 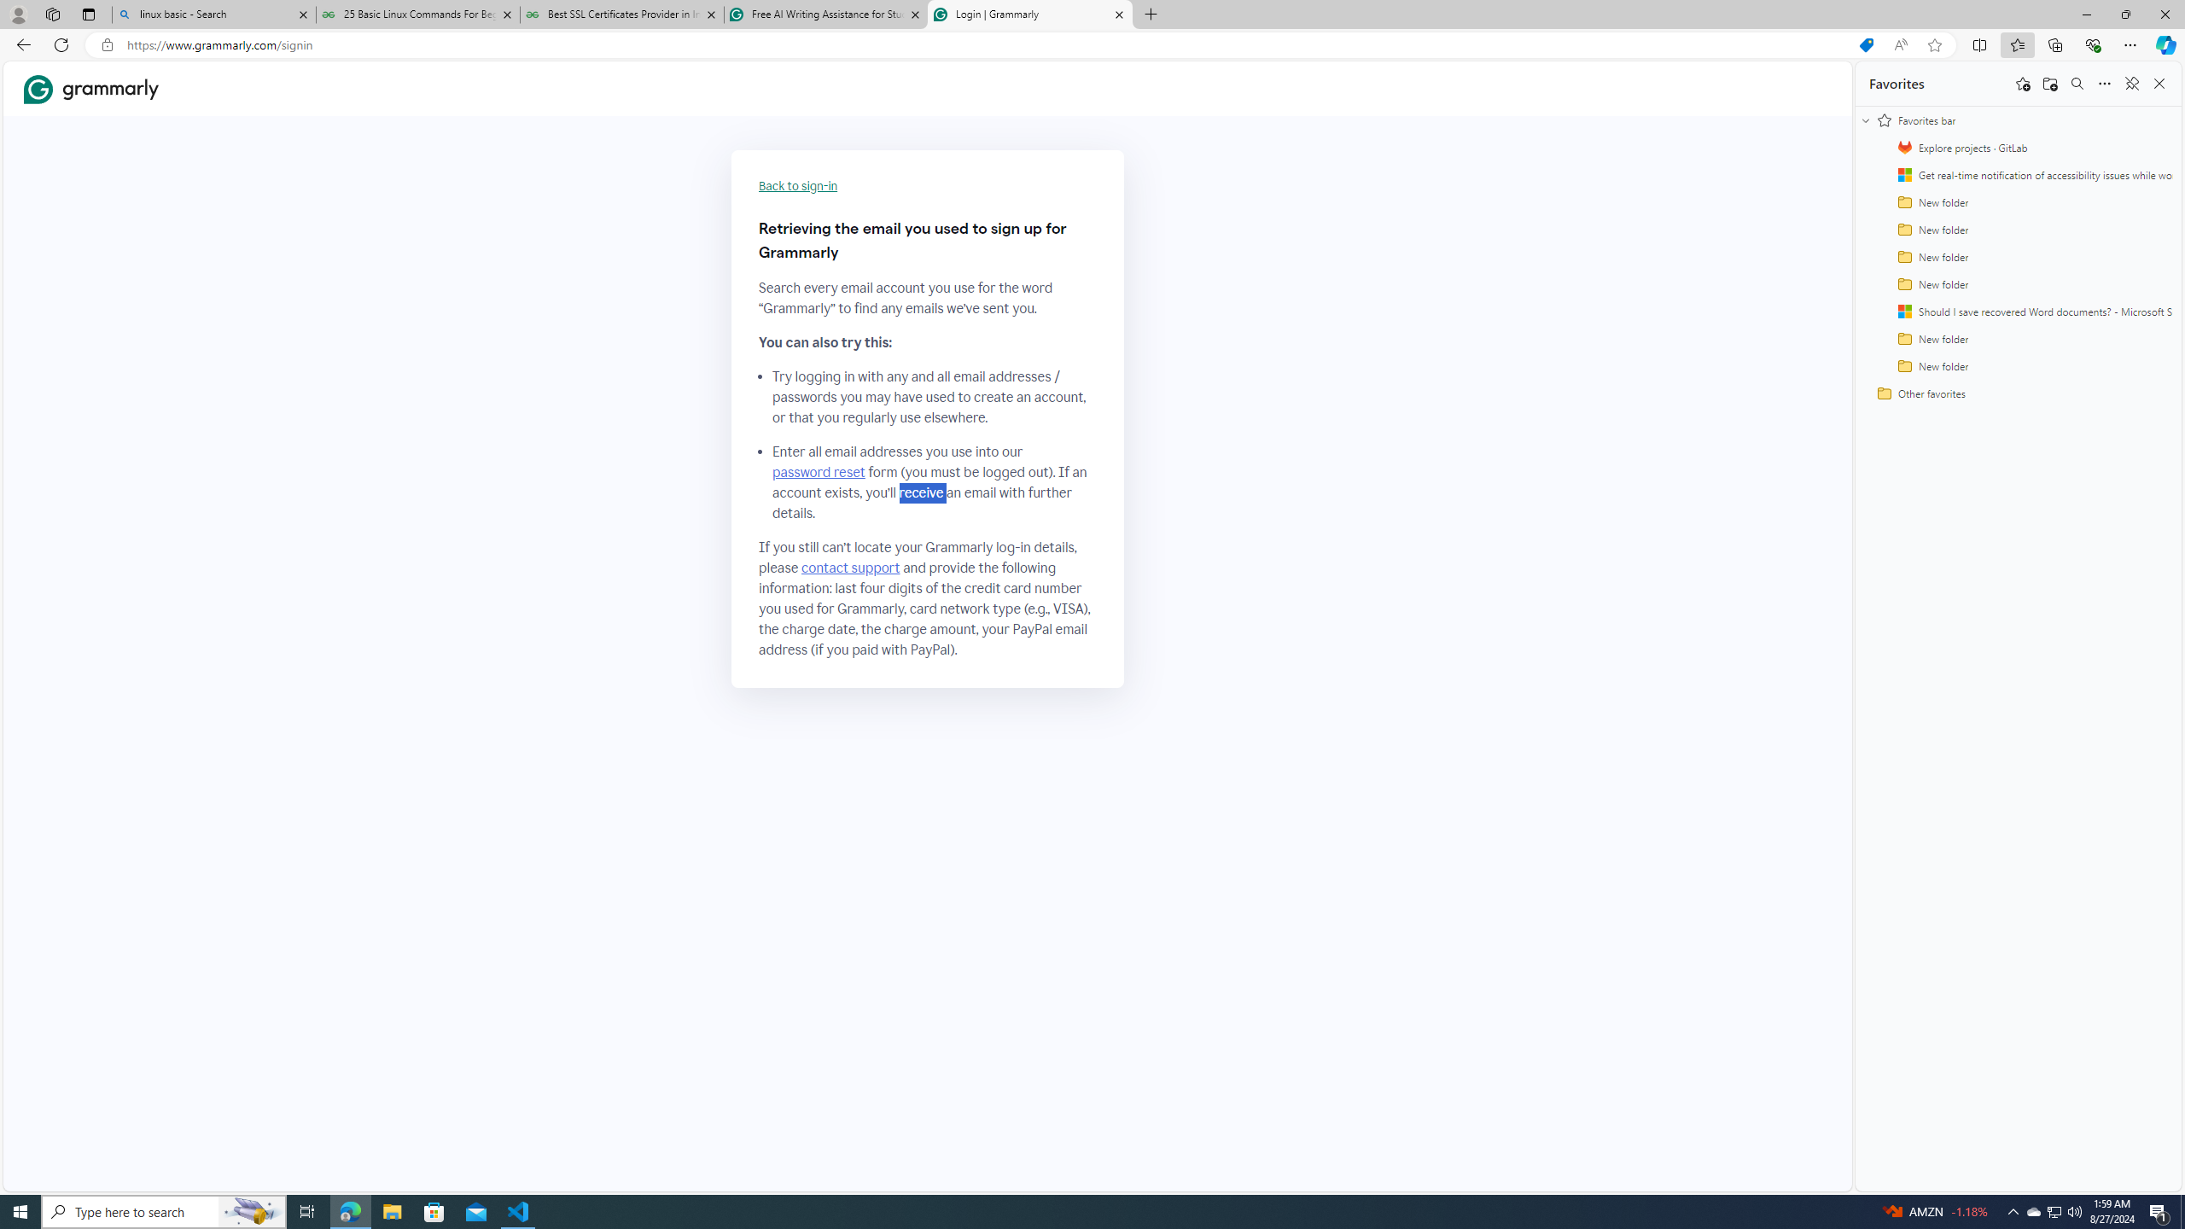 What do you see at coordinates (2077, 82) in the screenshot?
I see `'Search favorites'` at bounding box center [2077, 82].